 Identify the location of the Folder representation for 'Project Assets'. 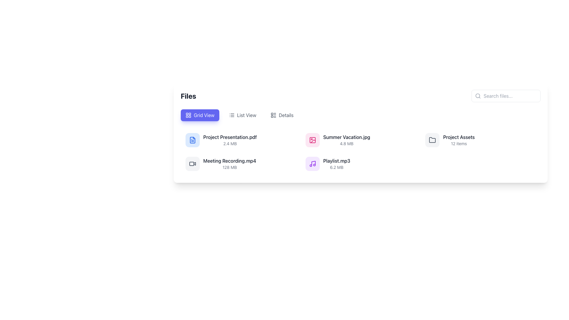
(480, 140).